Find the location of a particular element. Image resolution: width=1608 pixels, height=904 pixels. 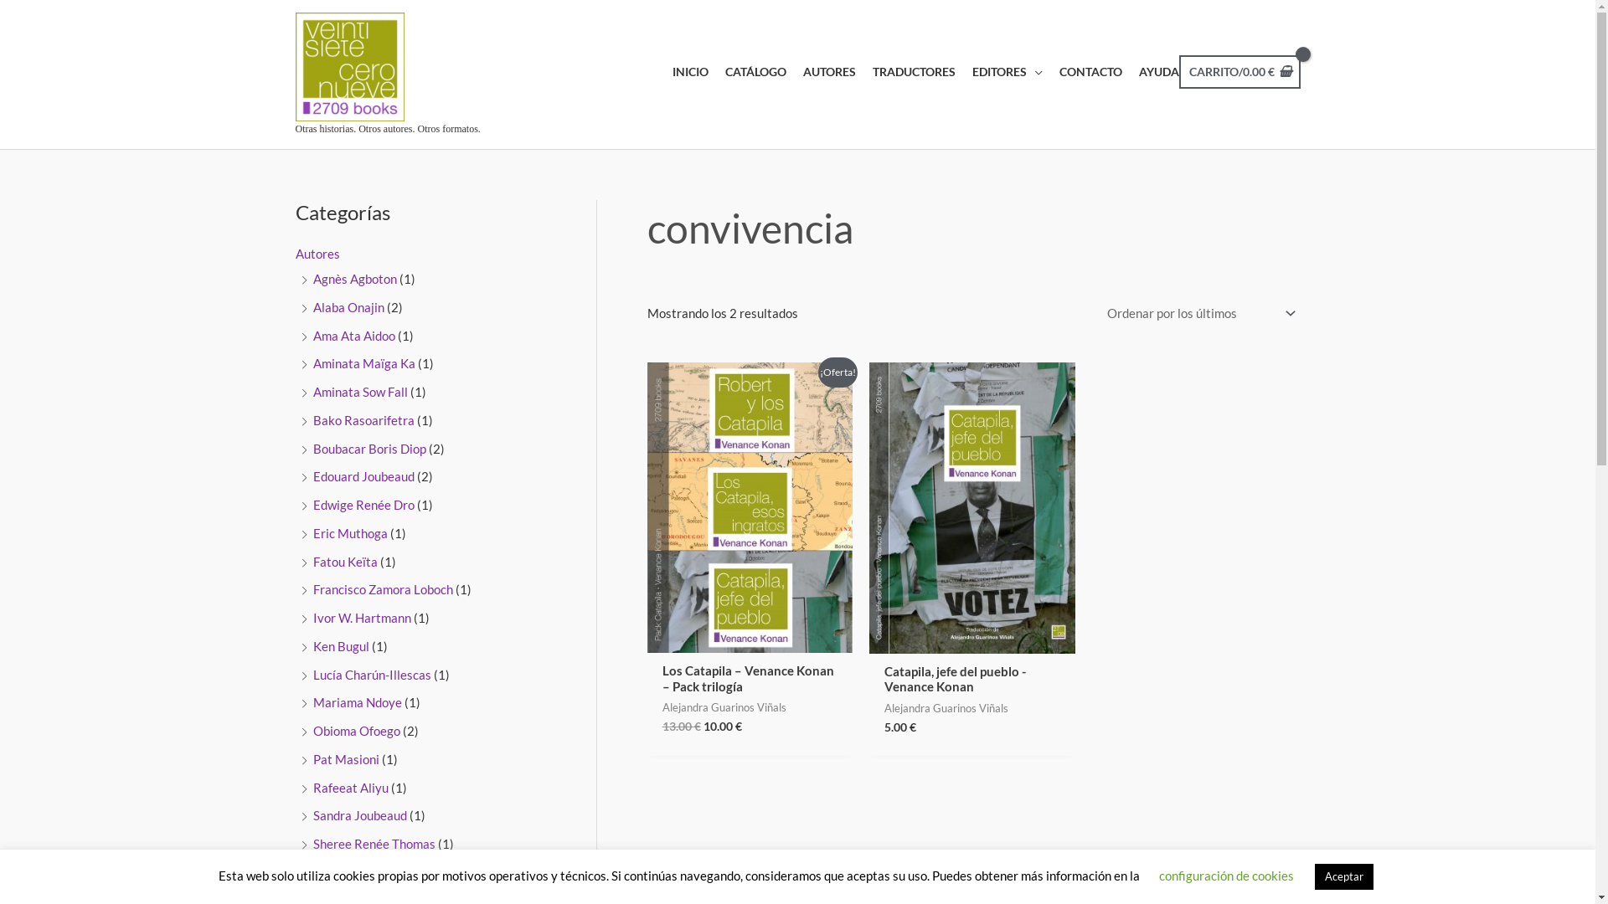

'Sandra Joubeaud' is located at coordinates (359, 814).